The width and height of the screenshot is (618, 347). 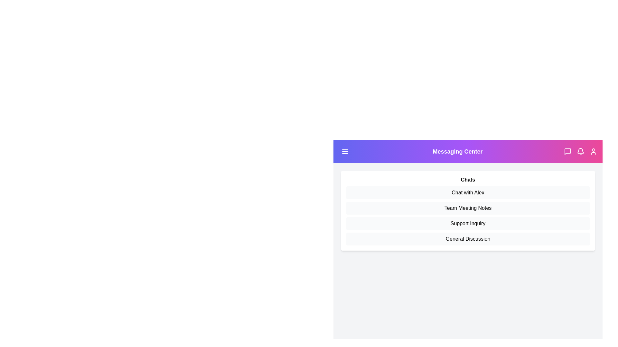 What do you see at coordinates (581, 151) in the screenshot?
I see `the notification bell icon in the top-right corner` at bounding box center [581, 151].